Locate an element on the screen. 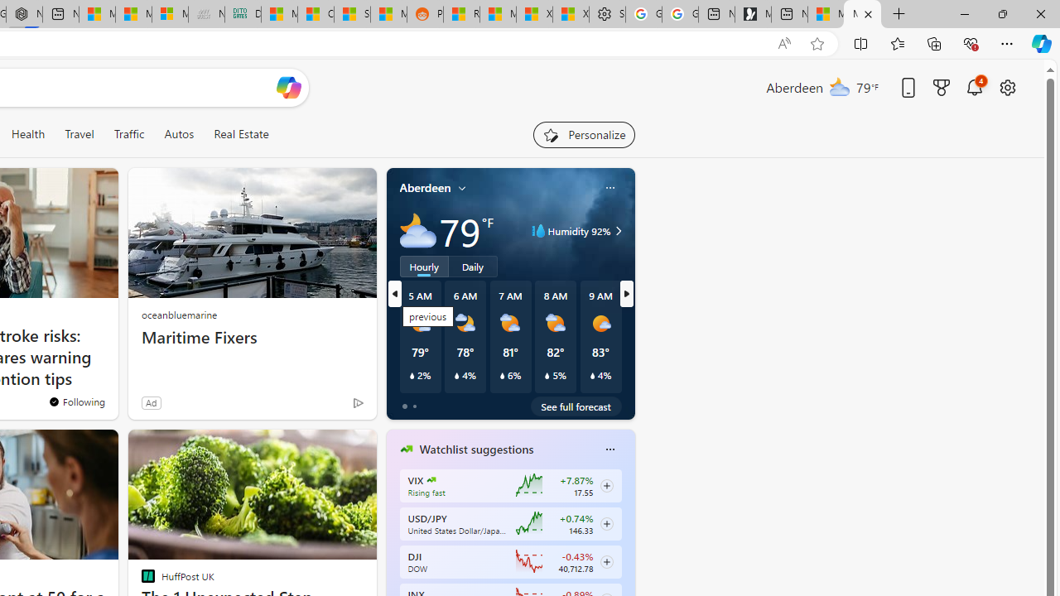  'My location' is located at coordinates (462, 187).